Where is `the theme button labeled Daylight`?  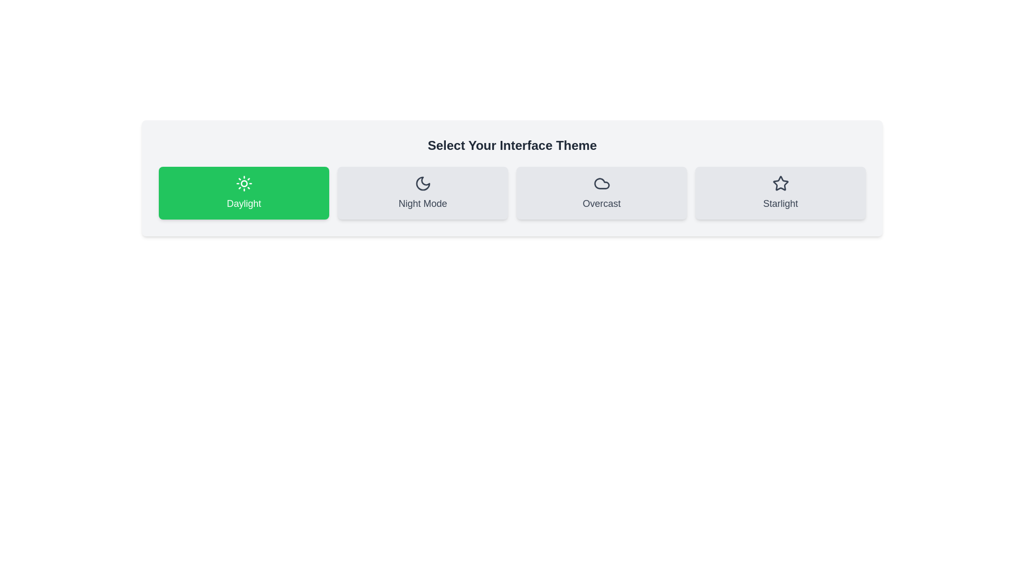
the theme button labeled Daylight is located at coordinates (243, 193).